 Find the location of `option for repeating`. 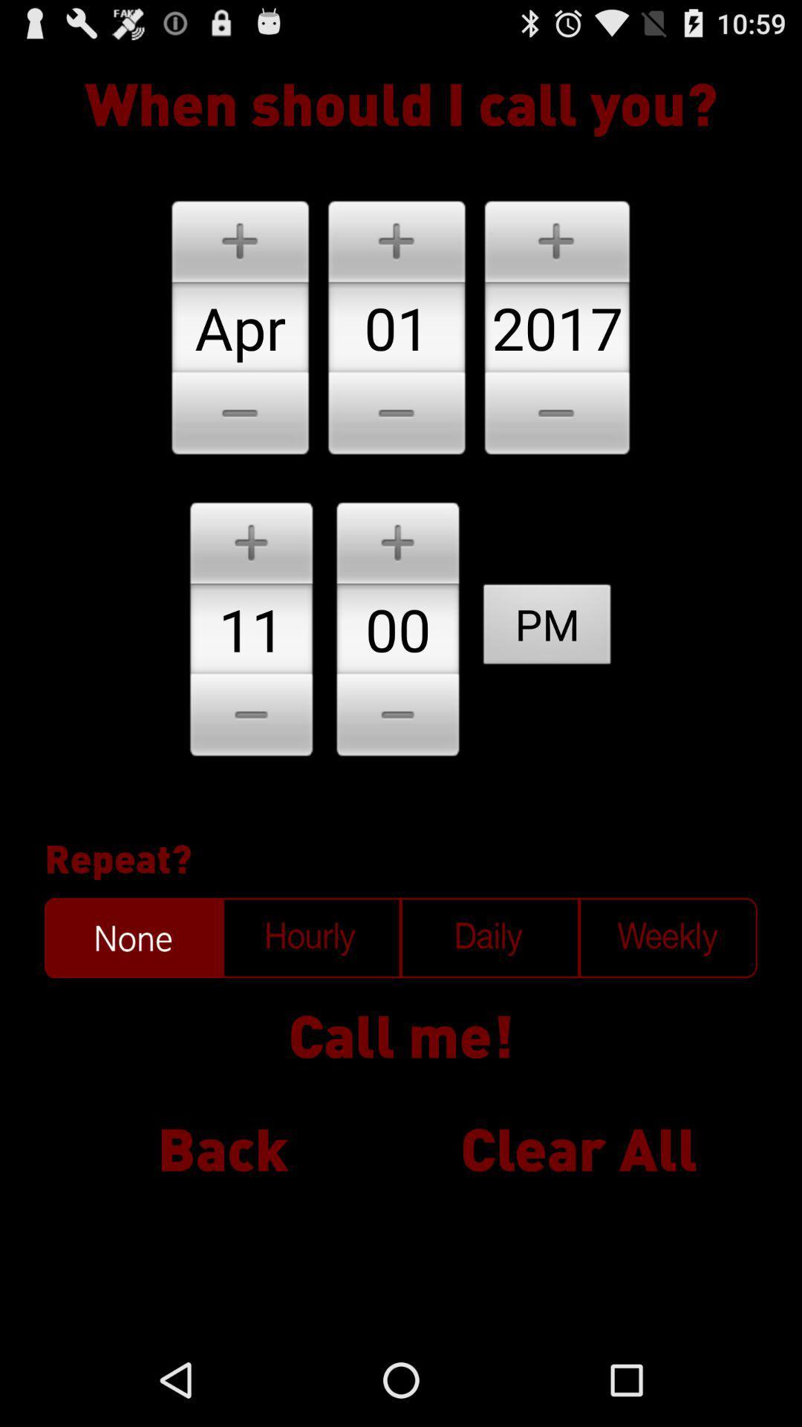

option for repeating is located at coordinates (489, 937).